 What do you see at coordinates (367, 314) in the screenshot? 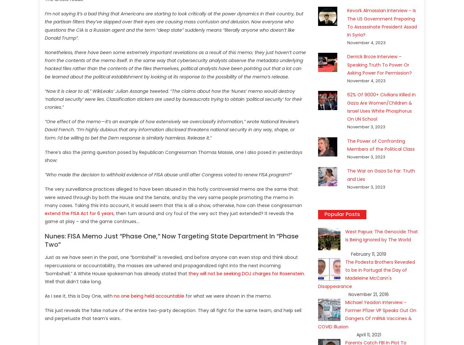
I see `'Michael Yeadon Interview - Former Pfizer VP Speaks Out On Dangers Of mRNA Vaccines & COVID Illusion'` at bounding box center [367, 314].